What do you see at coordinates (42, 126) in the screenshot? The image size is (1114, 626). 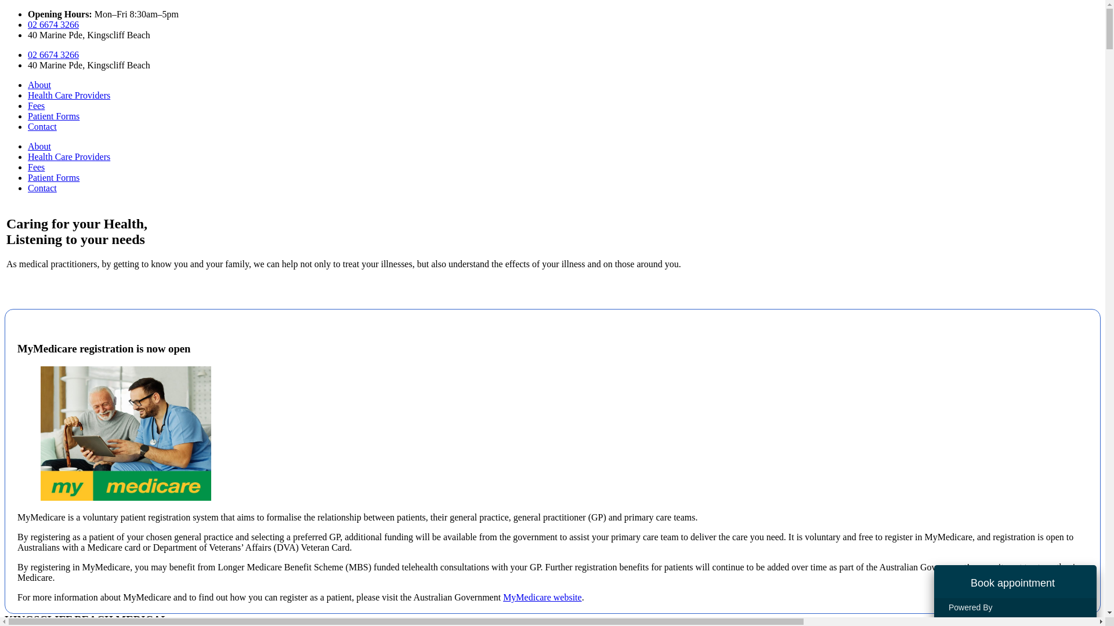 I see `'Contact'` at bounding box center [42, 126].